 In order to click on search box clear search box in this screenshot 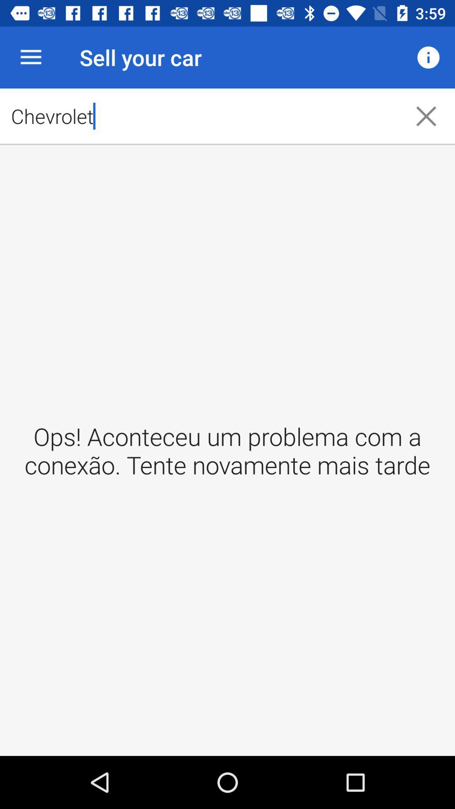, I will do `click(426, 115)`.